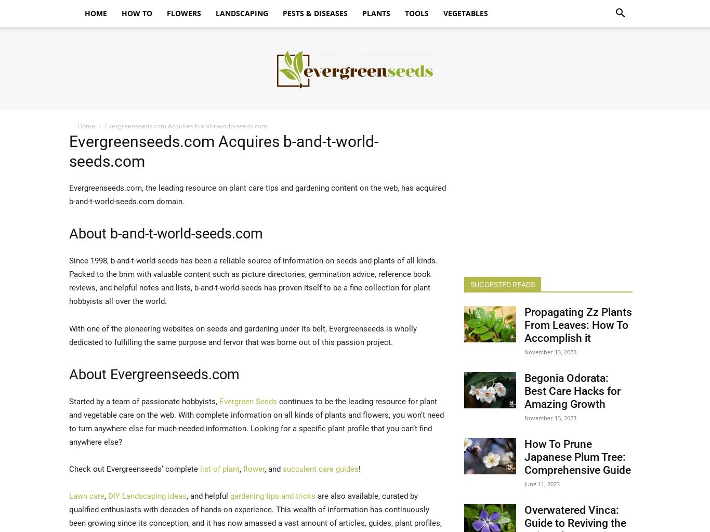 The width and height of the screenshot is (710, 532). I want to click on 'Evergreenseeds.com, the leading resource on plant care tips and gardening content on the web, has acquired b-and-t-world-seeds.com domain.', so click(257, 194).